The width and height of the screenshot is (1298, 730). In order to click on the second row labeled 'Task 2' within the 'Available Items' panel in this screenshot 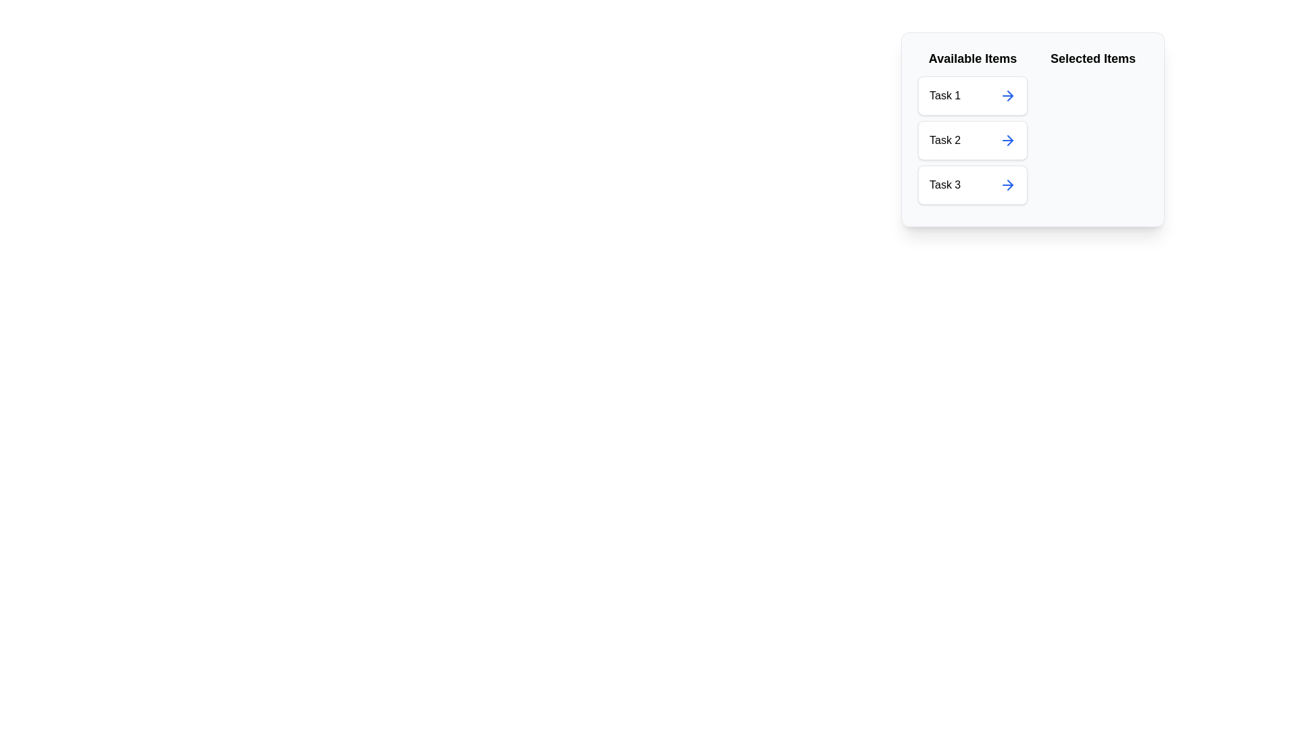, I will do `click(972, 141)`.